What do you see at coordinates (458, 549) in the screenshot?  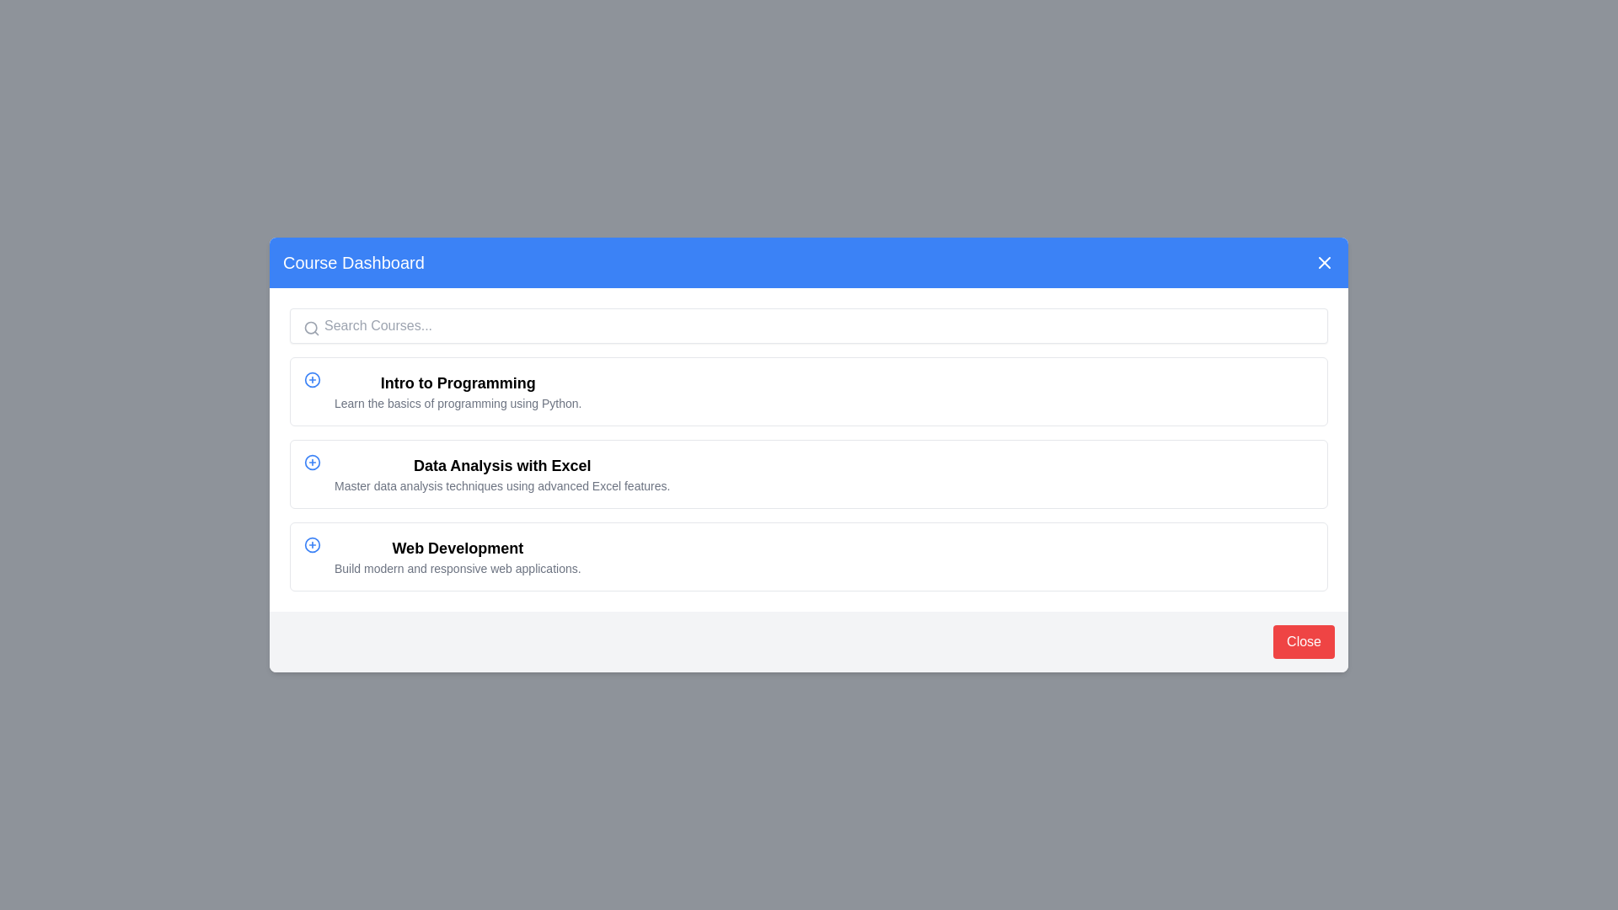 I see `the text label reading 'Web Development', which is bold and large, located above the sibling text 'Build modern and responsive web applications' within the third item of a vertically stacked list` at bounding box center [458, 549].